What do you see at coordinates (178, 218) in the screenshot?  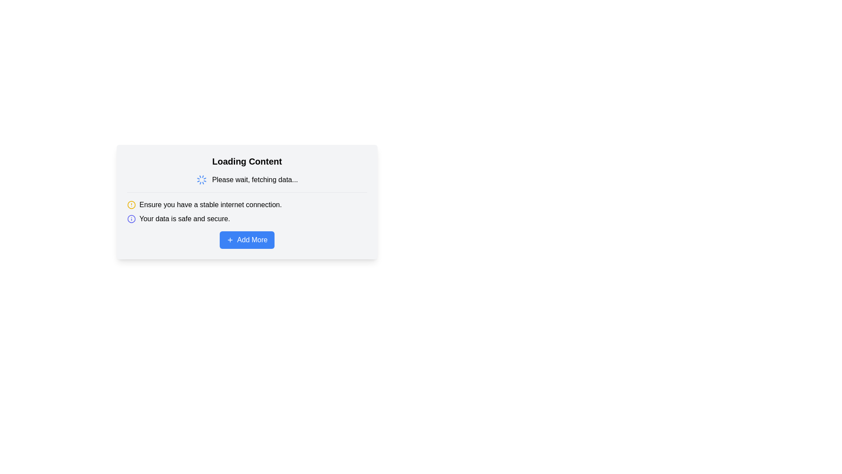 I see `the Text with Icon Component that features a blue 'i' icon and the text 'Your data is safe and secure.' positioned horizontally to the right of the icon` at bounding box center [178, 218].